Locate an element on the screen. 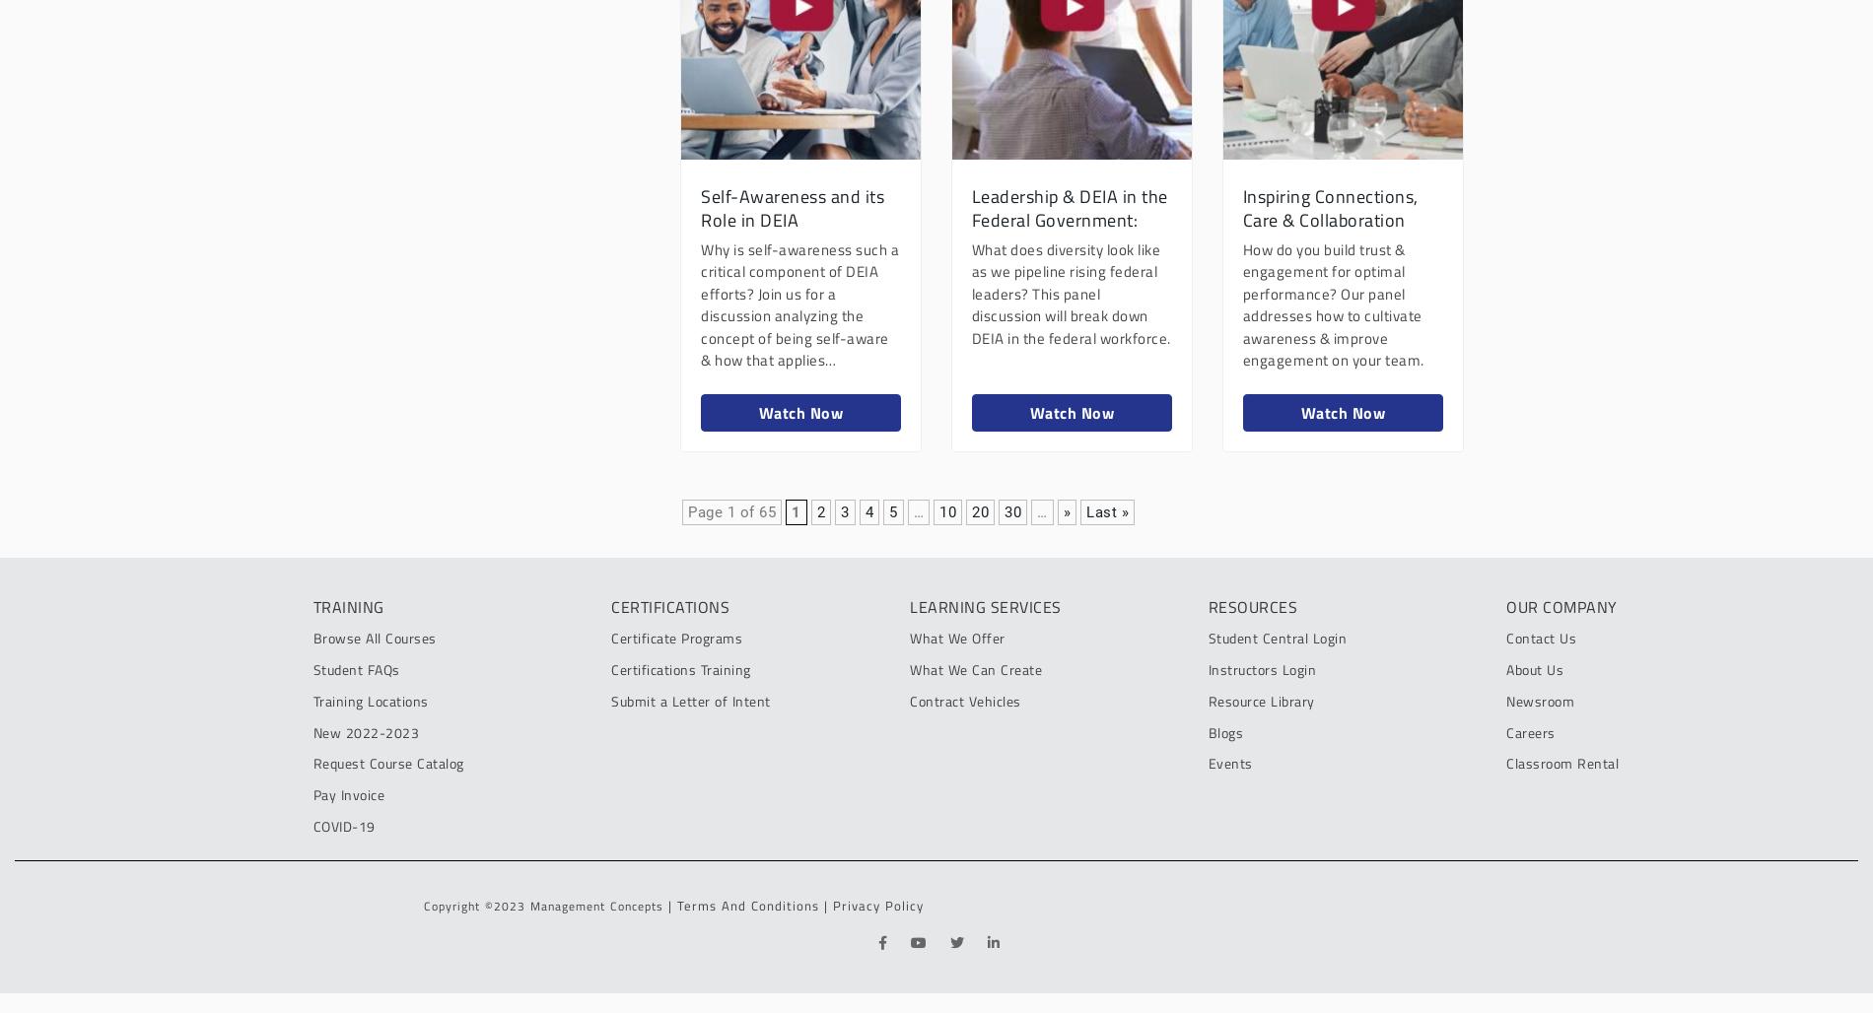  'Blogs' is located at coordinates (1223, 730).